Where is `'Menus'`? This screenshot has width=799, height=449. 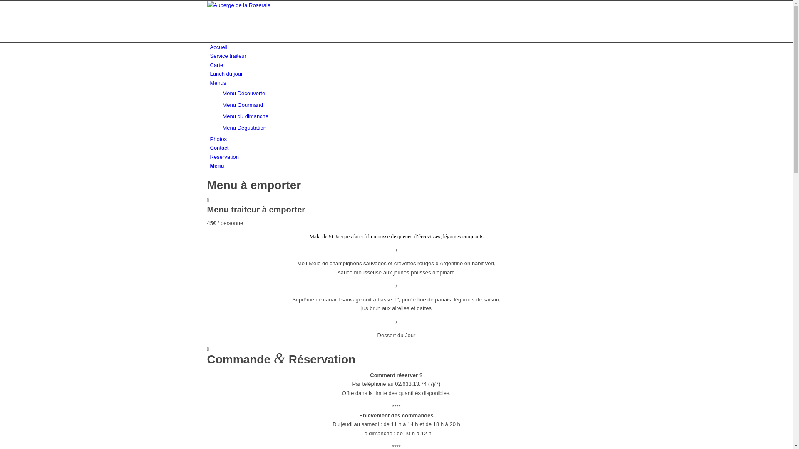
'Menus' is located at coordinates (218, 83).